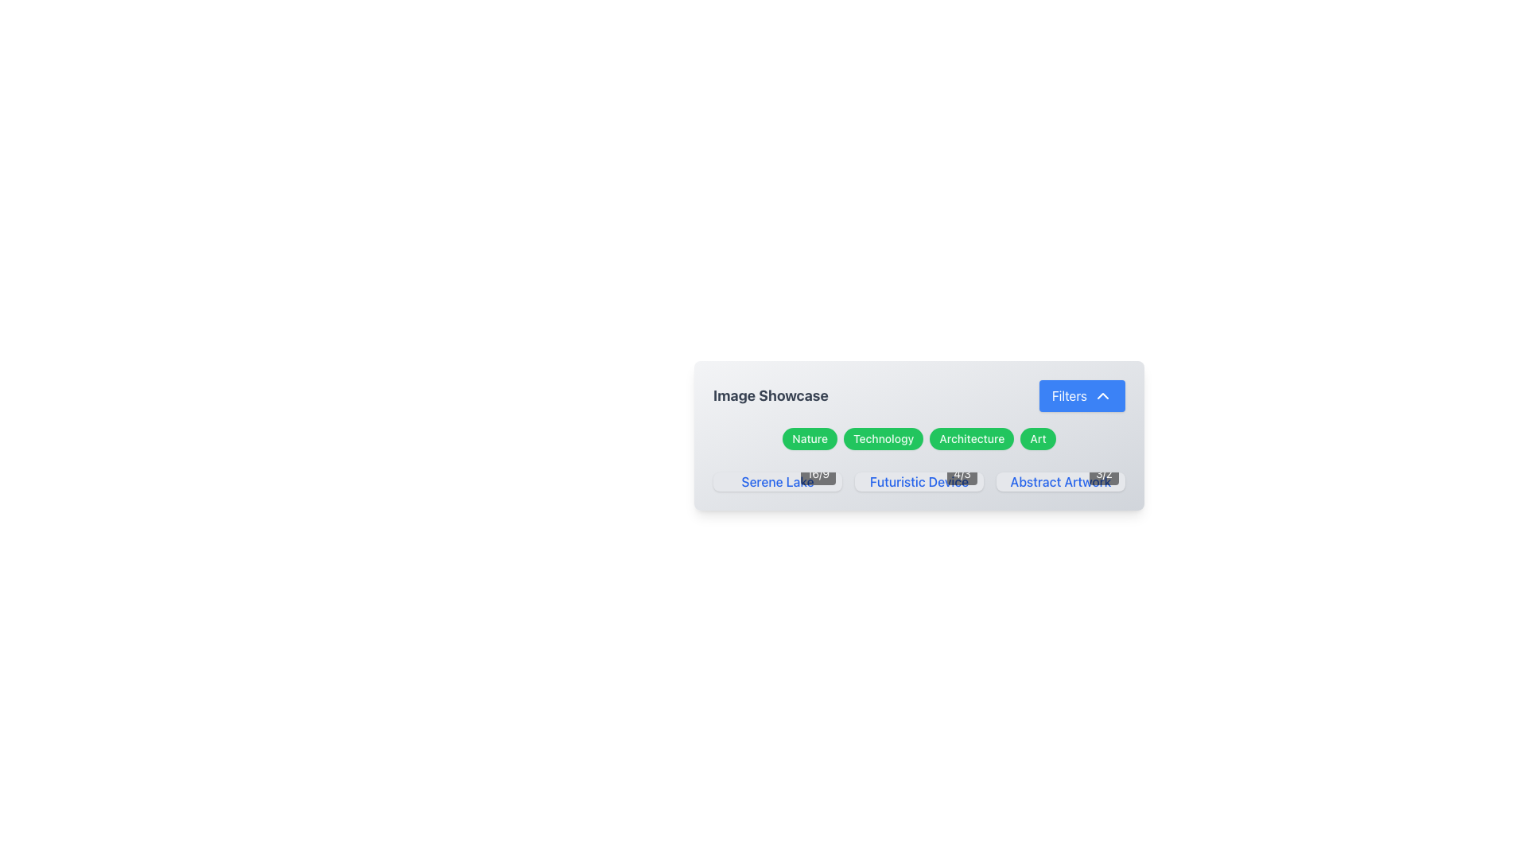  I want to click on the 'Technology' button, which is a horizontally-aligned button with a vibrant green background and white text, so click(919, 435).